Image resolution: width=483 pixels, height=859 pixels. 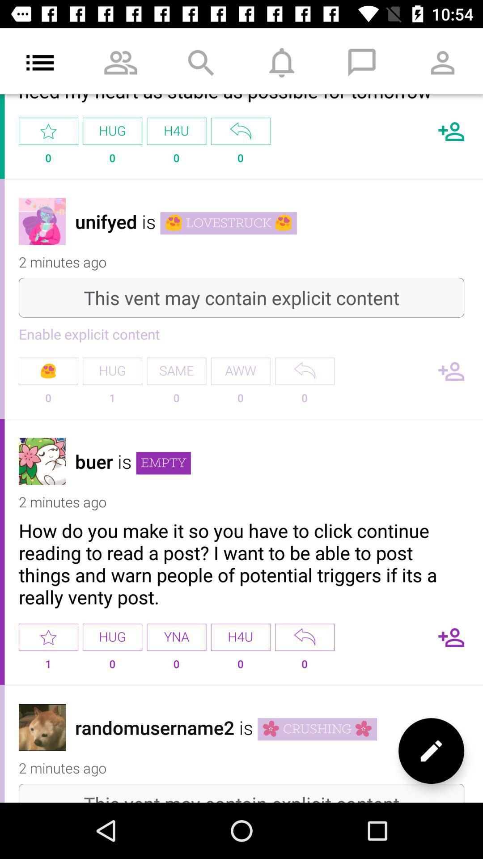 What do you see at coordinates (48, 371) in the screenshot?
I see `the item next to hug app` at bounding box center [48, 371].